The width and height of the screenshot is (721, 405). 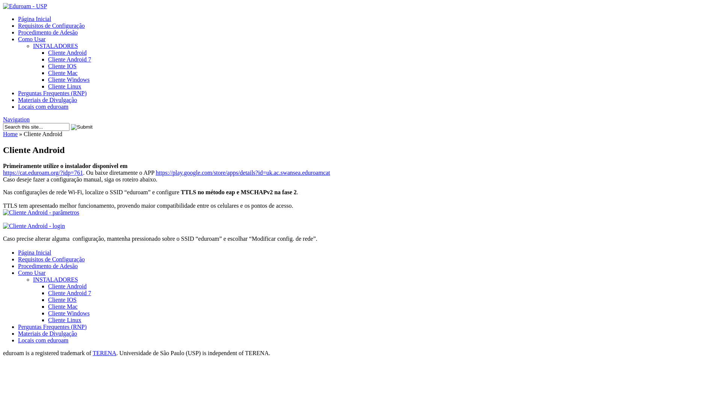 What do you see at coordinates (69, 79) in the screenshot?
I see `'Cliente Windows'` at bounding box center [69, 79].